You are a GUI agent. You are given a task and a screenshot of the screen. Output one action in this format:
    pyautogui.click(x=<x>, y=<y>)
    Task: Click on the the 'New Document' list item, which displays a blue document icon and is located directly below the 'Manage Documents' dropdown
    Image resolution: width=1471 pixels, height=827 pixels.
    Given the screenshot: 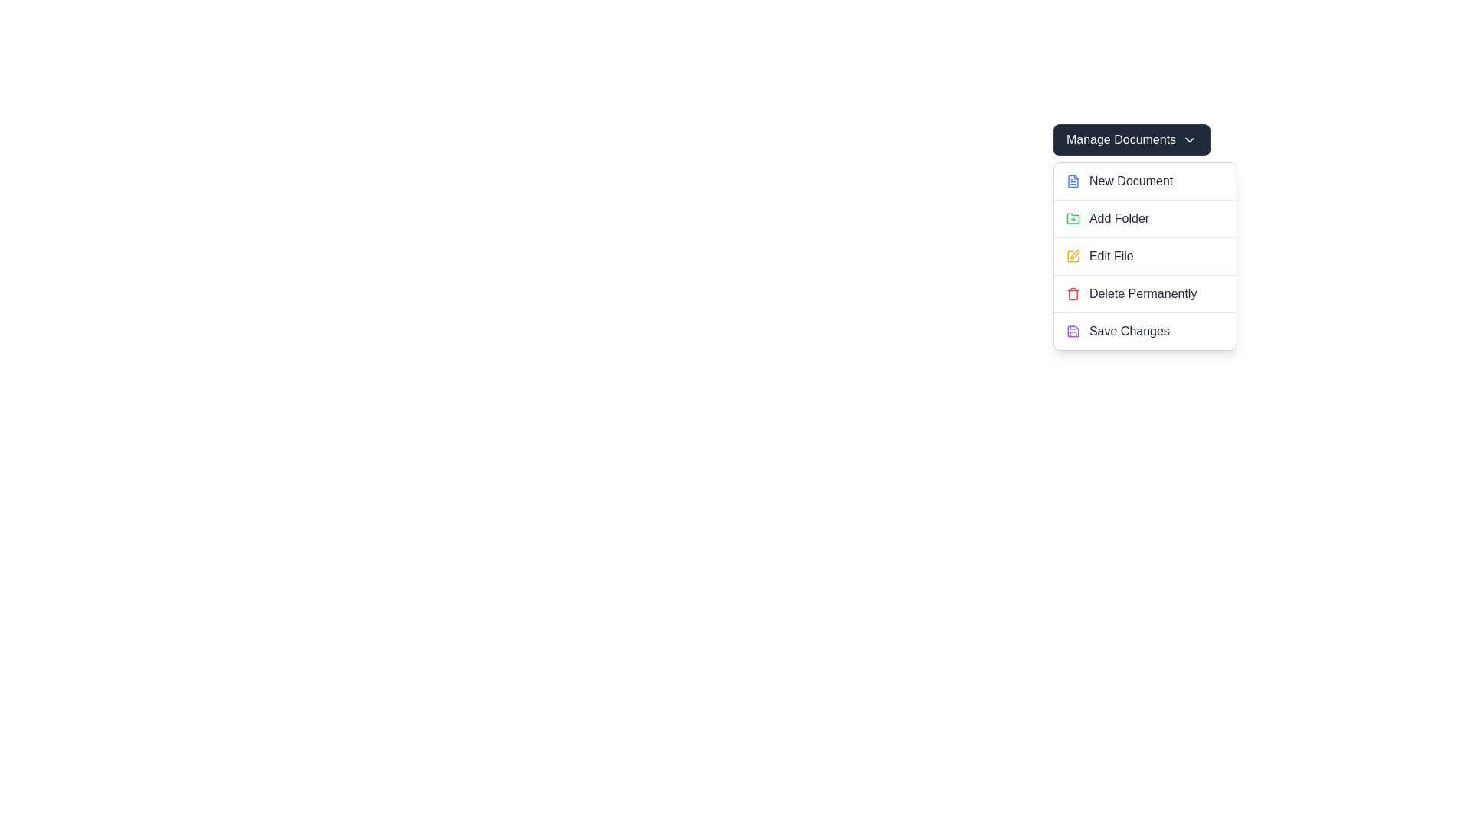 What is the action you would take?
    pyautogui.click(x=1145, y=180)
    